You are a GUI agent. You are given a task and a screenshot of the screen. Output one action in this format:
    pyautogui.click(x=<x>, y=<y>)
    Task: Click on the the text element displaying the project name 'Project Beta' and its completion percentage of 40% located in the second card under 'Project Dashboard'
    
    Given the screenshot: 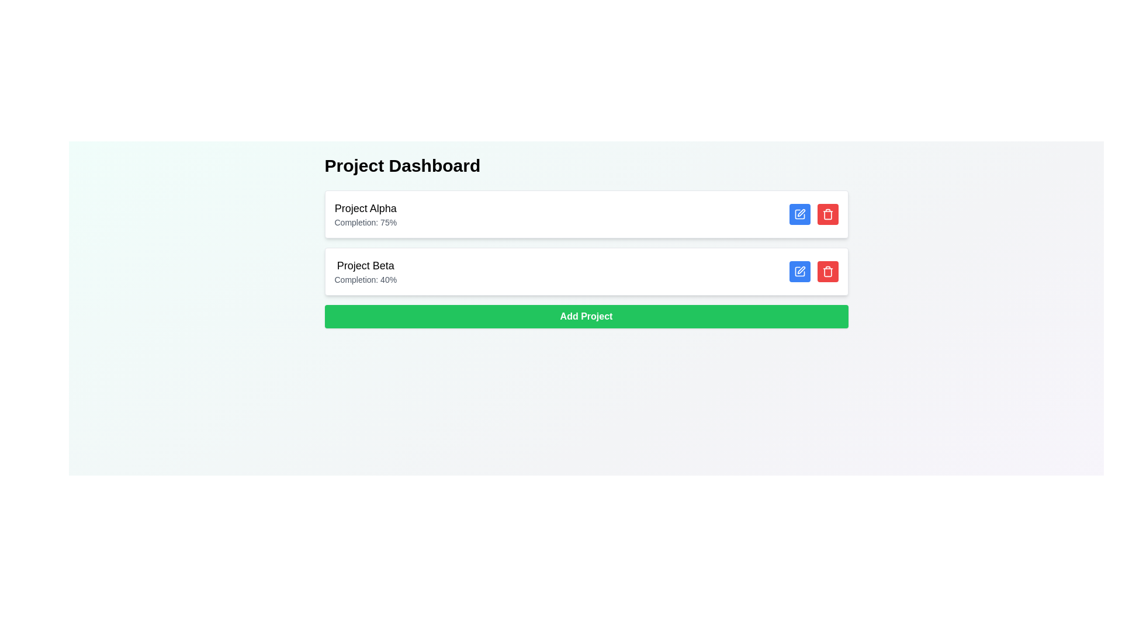 What is the action you would take?
    pyautogui.click(x=365, y=272)
    